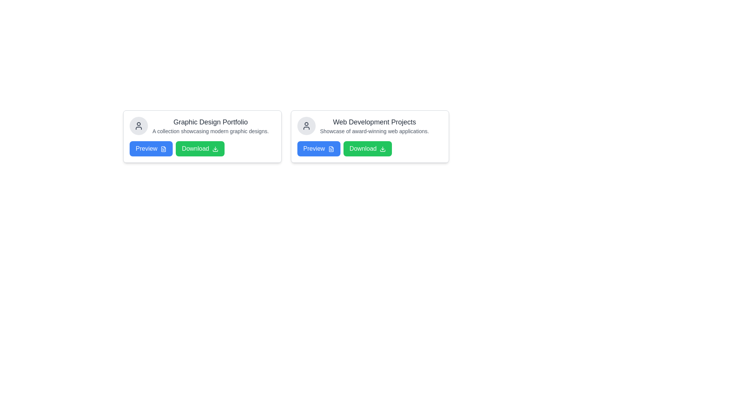  I want to click on text label that says 'Web Development Projects', which is styled with a larger font size and bold dark gray text, located at the top right section of a card layout, so click(374, 121).